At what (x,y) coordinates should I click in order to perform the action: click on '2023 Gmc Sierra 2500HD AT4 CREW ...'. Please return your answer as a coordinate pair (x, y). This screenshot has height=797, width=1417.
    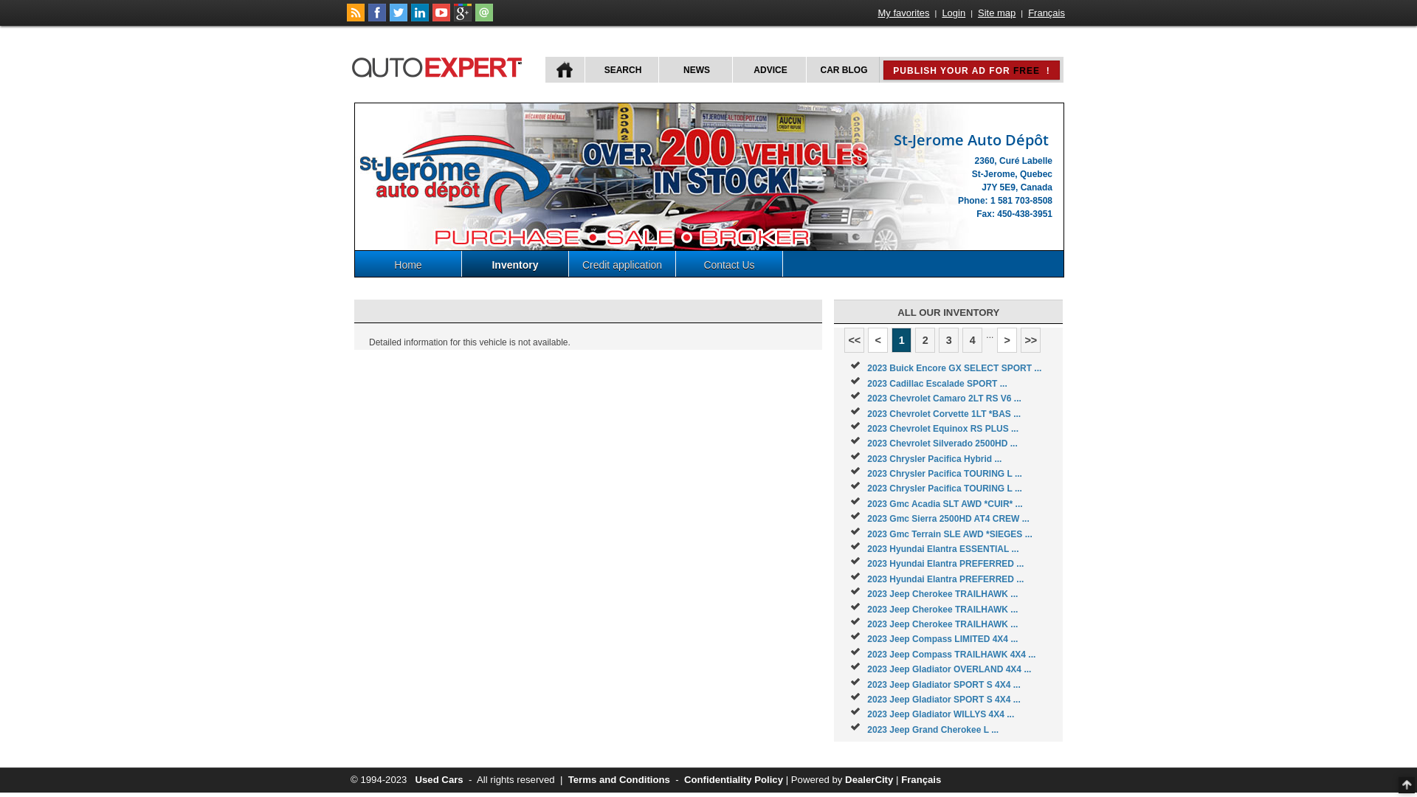
    Looking at the image, I should click on (948, 517).